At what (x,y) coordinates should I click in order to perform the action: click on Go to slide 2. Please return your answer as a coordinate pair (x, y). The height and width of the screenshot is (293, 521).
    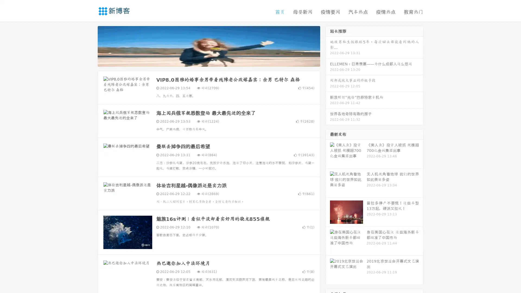
    Looking at the image, I should click on (208, 61).